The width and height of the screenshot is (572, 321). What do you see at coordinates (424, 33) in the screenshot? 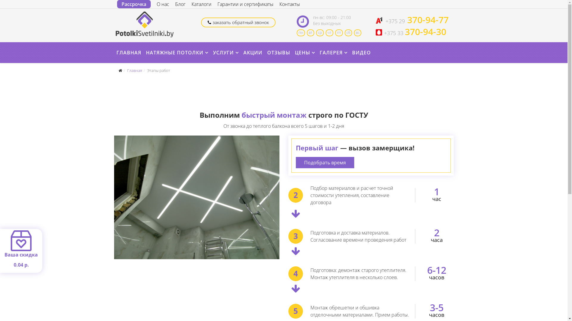
I see `'370-94-30'` at bounding box center [424, 33].